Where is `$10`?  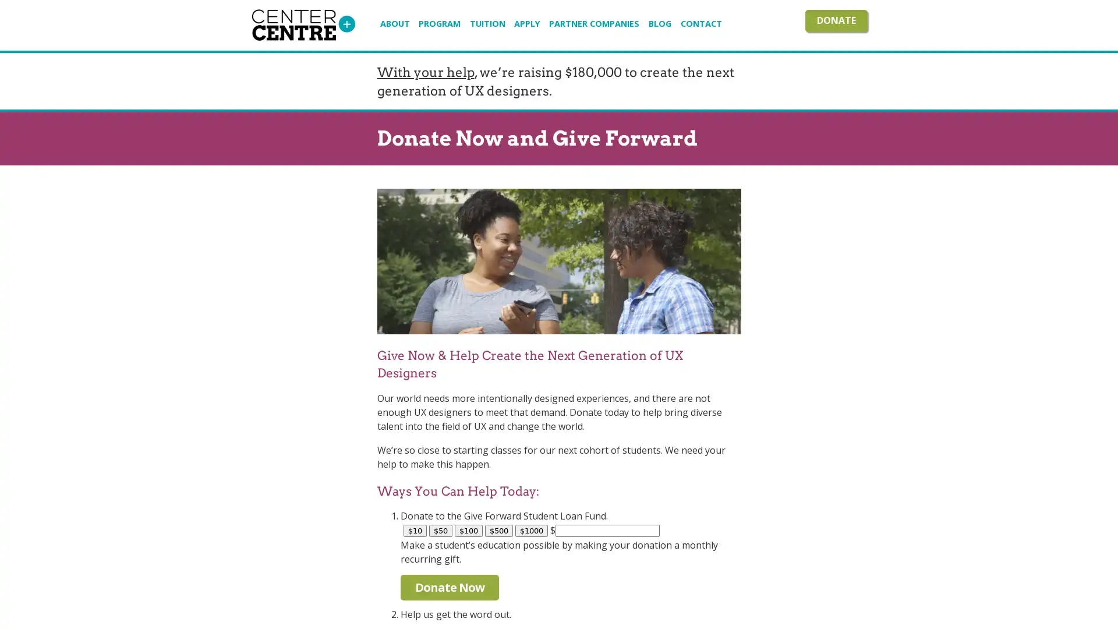 $10 is located at coordinates (414, 530).